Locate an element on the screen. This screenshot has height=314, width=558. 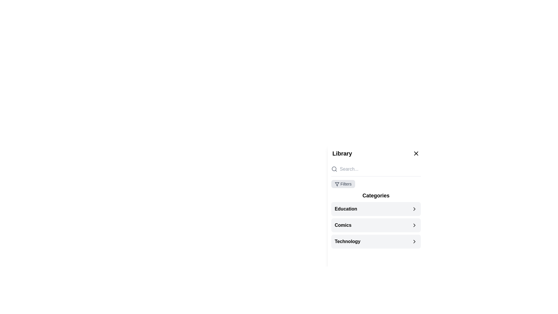
the second menu item in the 'Categories' section is located at coordinates (376, 225).